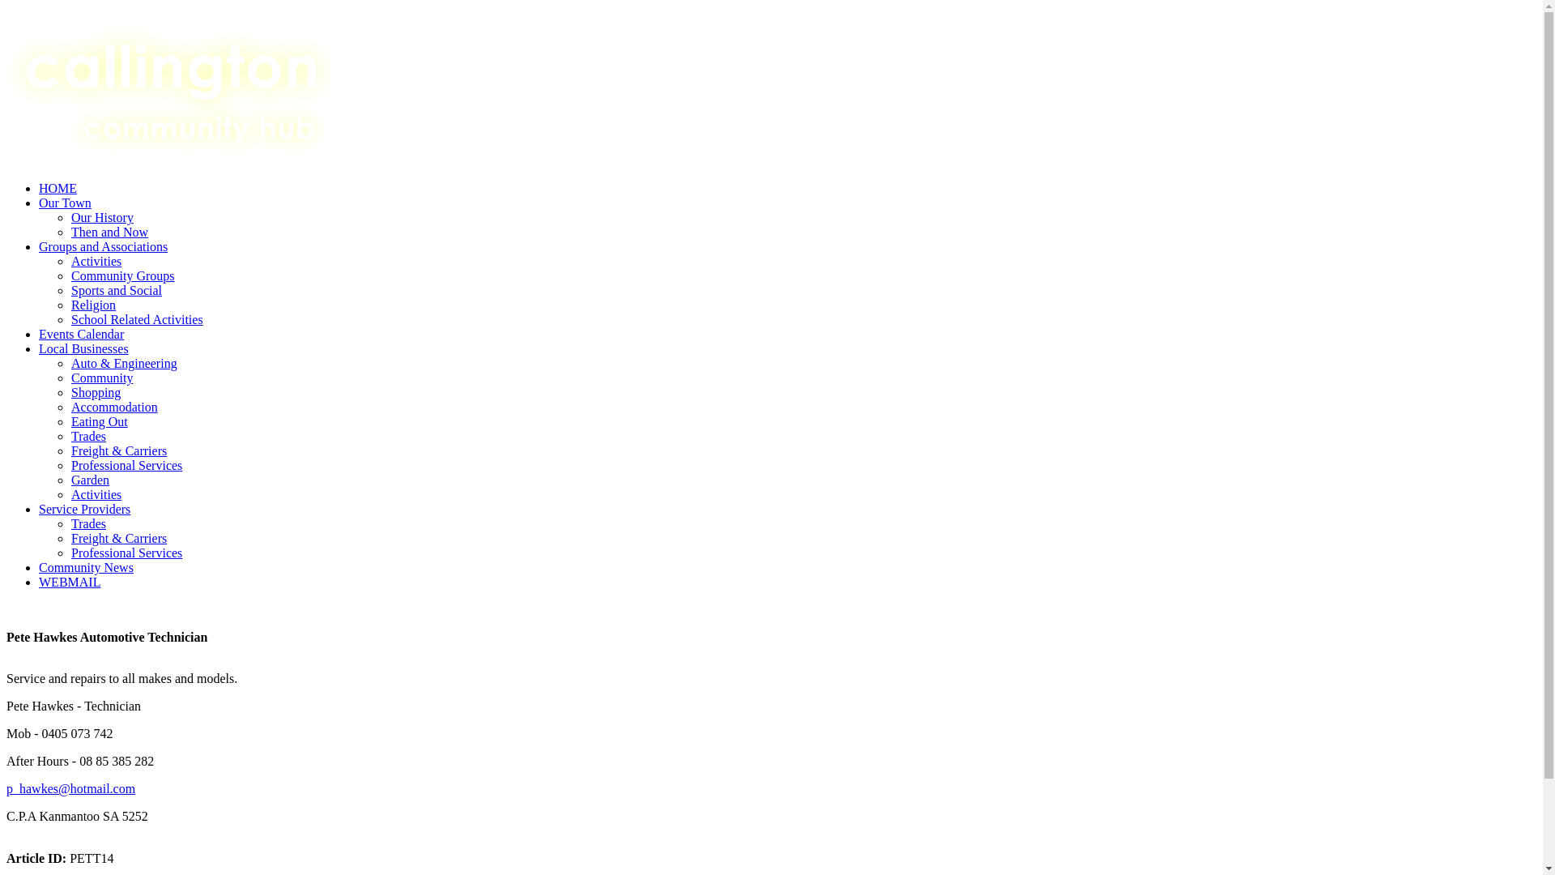 Image resolution: width=1555 pixels, height=875 pixels. I want to click on 'Activities', so click(96, 260).